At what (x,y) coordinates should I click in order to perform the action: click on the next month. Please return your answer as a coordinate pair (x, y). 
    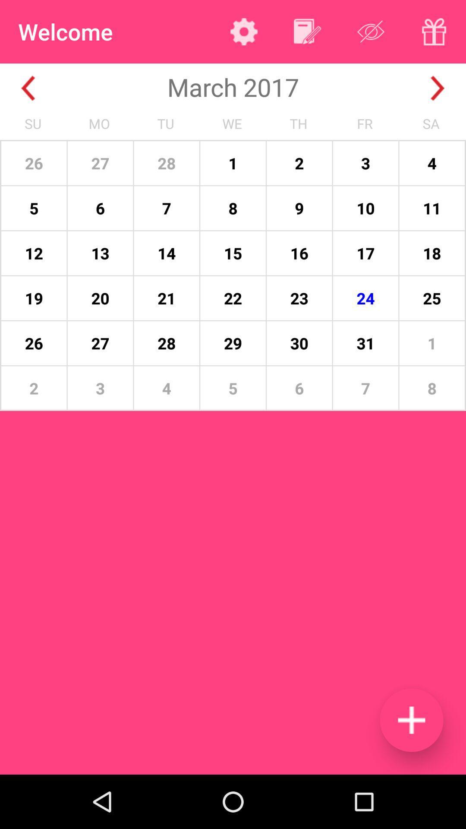
    Looking at the image, I should click on (438, 88).